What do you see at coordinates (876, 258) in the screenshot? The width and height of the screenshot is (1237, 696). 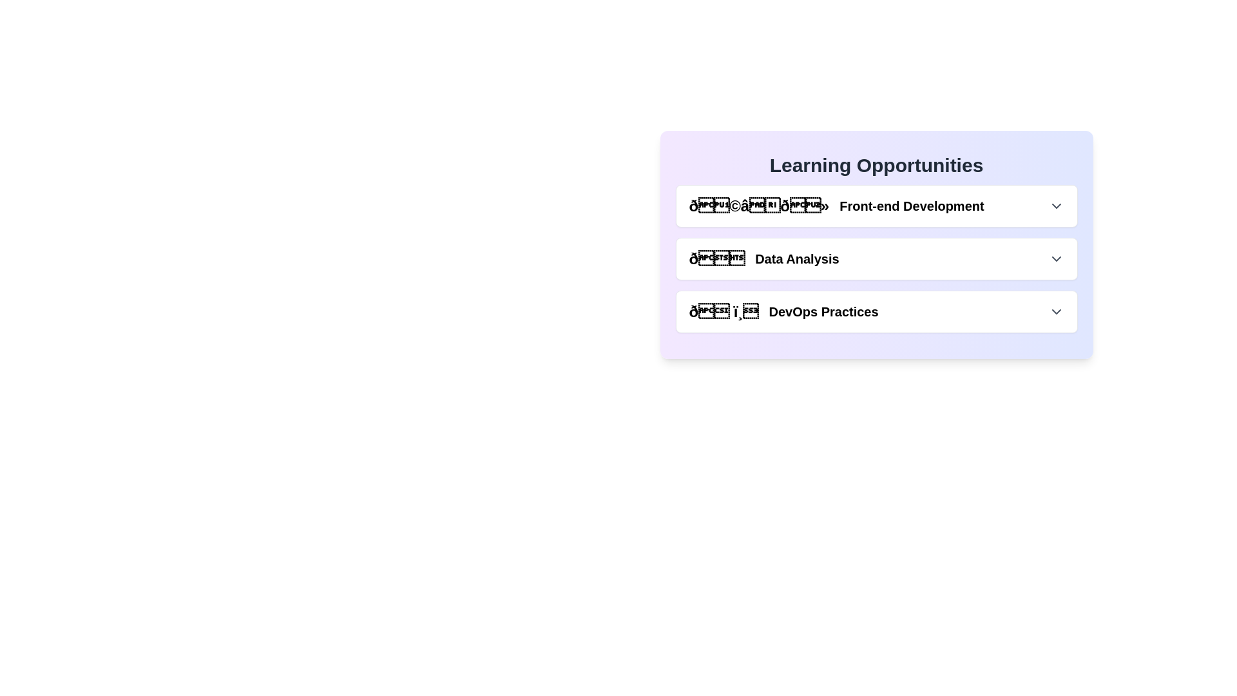 I see `the expandable list item for 'Data Analysis' located centrally in the 'Learning Opportunities' box` at bounding box center [876, 258].